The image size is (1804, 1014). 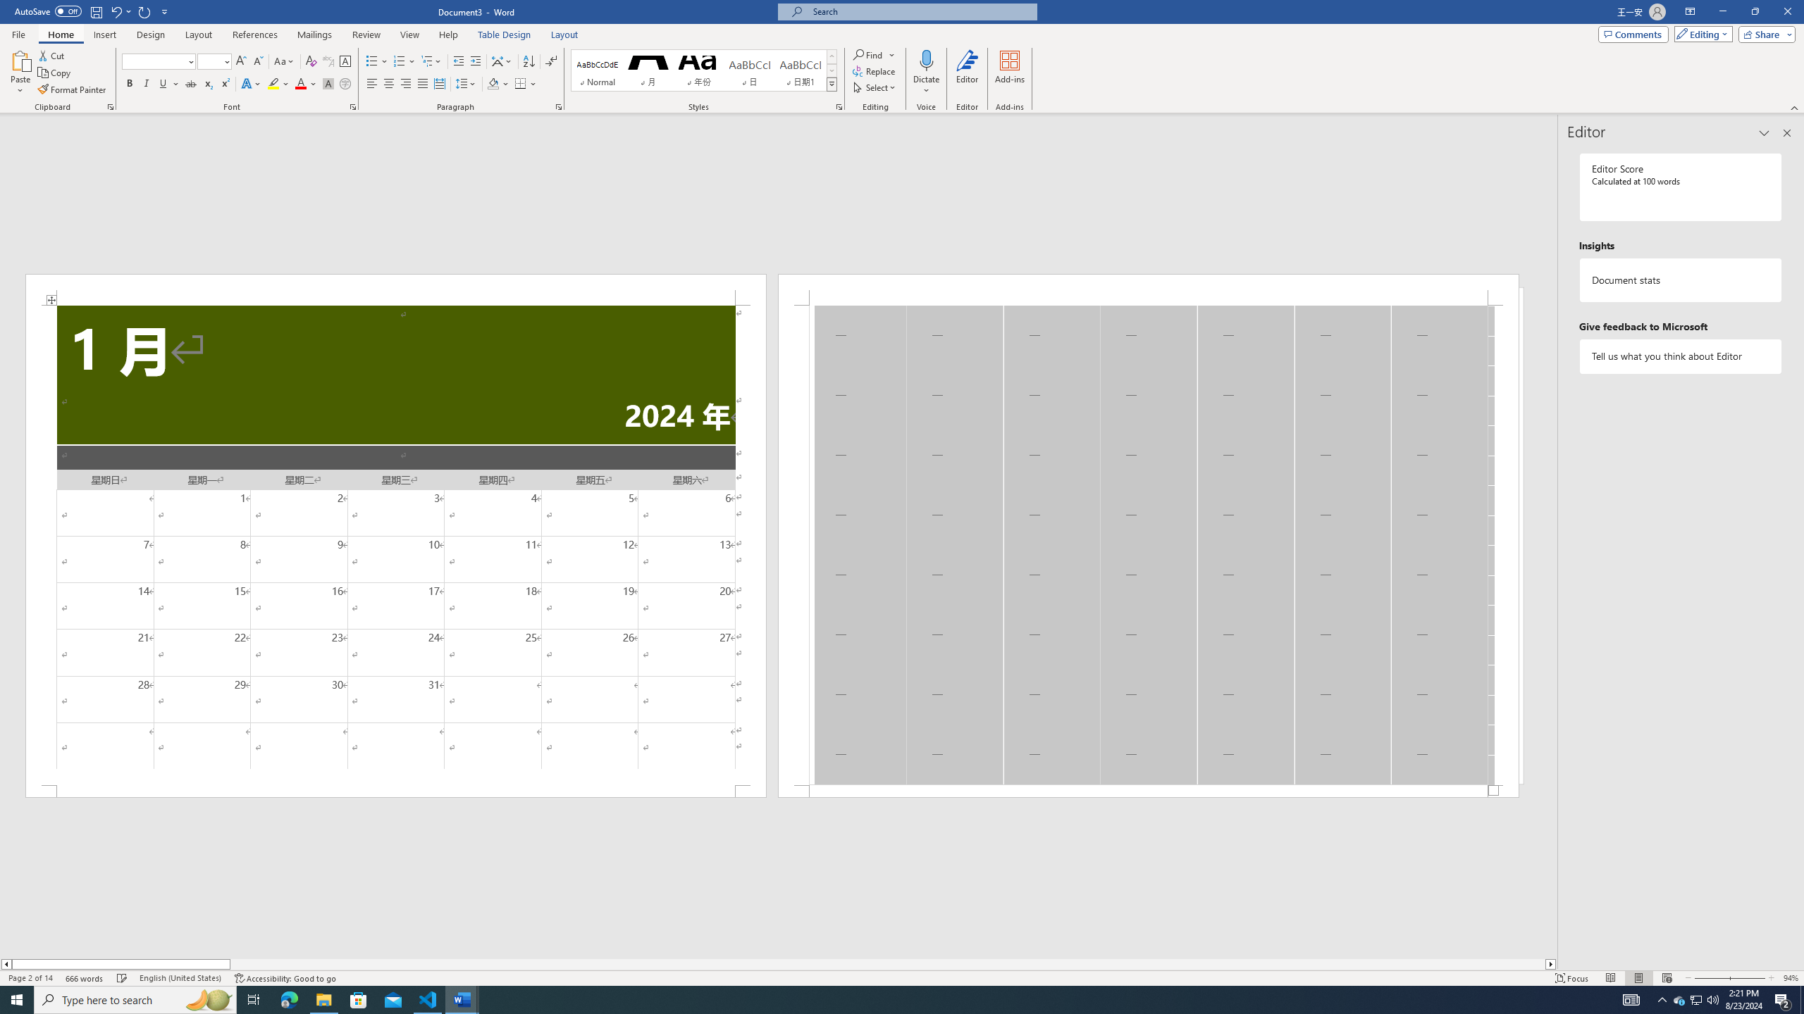 What do you see at coordinates (345, 83) in the screenshot?
I see `'Enclose Characters...'` at bounding box center [345, 83].